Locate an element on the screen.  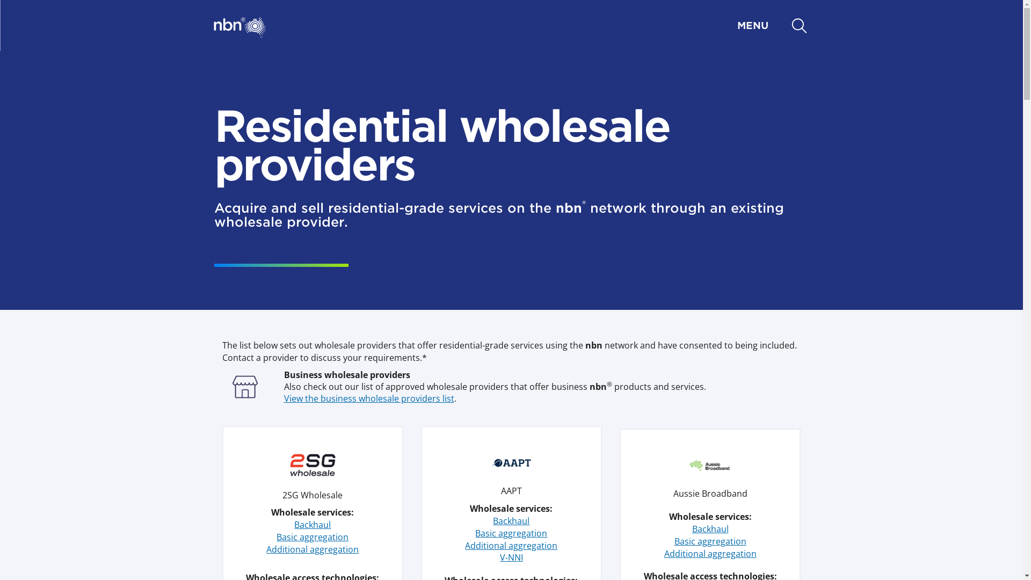
'Backhaul' is located at coordinates (510, 520).